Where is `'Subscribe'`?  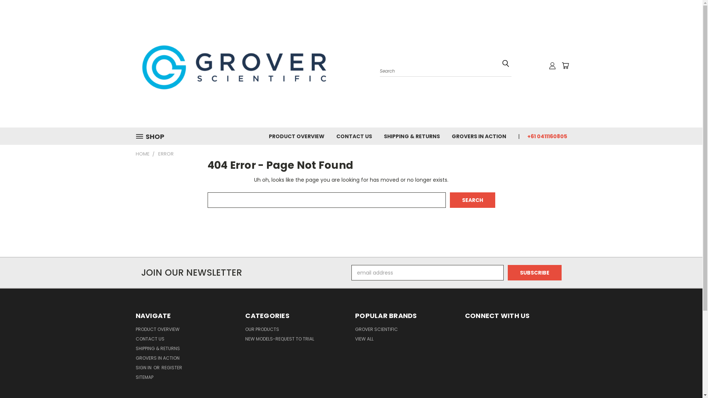
'Subscribe' is located at coordinates (534, 273).